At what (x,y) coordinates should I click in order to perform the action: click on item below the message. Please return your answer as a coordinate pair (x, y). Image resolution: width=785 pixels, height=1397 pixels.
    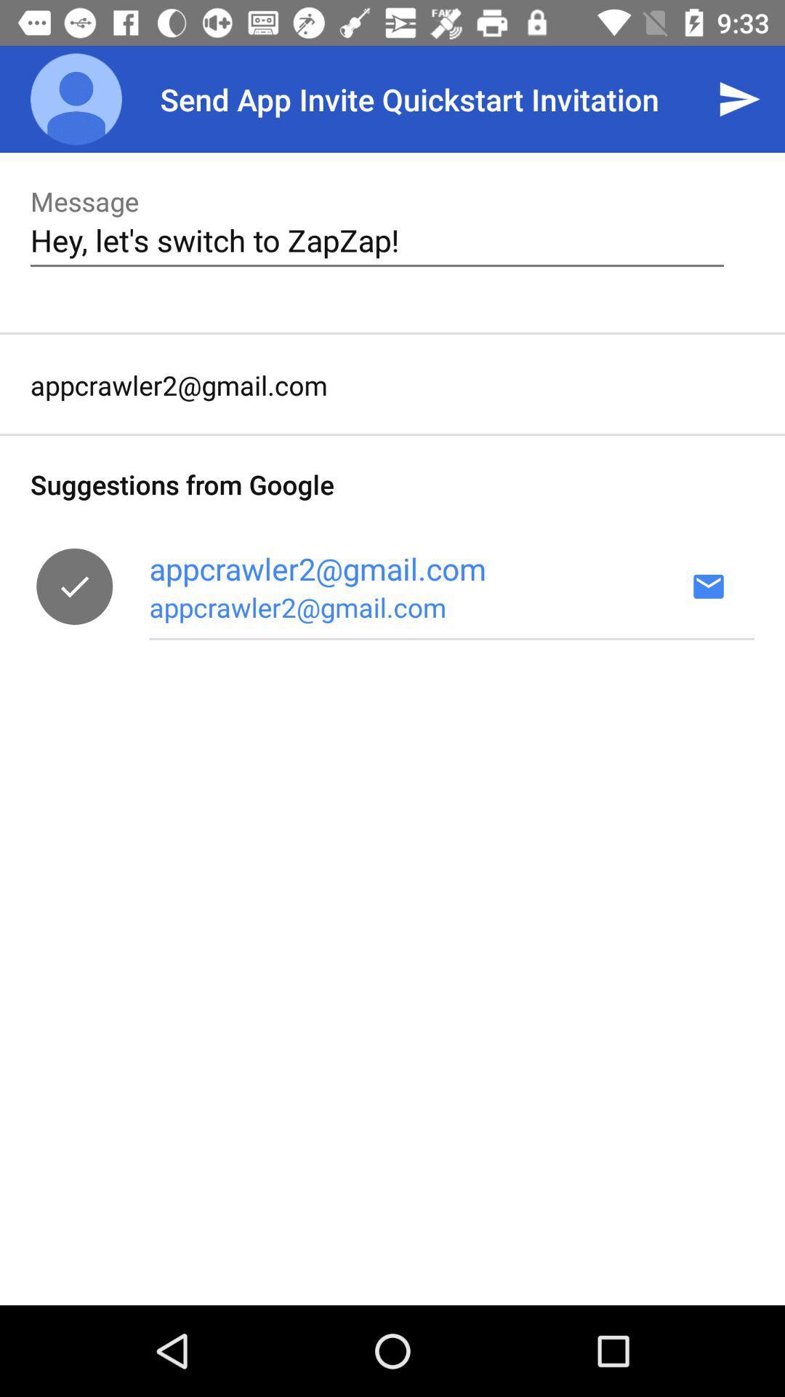
    Looking at the image, I should click on (377, 240).